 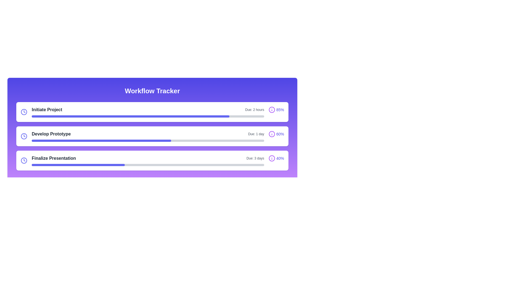 What do you see at coordinates (148, 164) in the screenshot?
I see `the progress bar that shows the completion of the task 'Finalize Presentation' which is currently 40% complete, located at the bottom of the 'Finalize Presentation' section in the 'Workflow Tracker'` at bounding box center [148, 164].